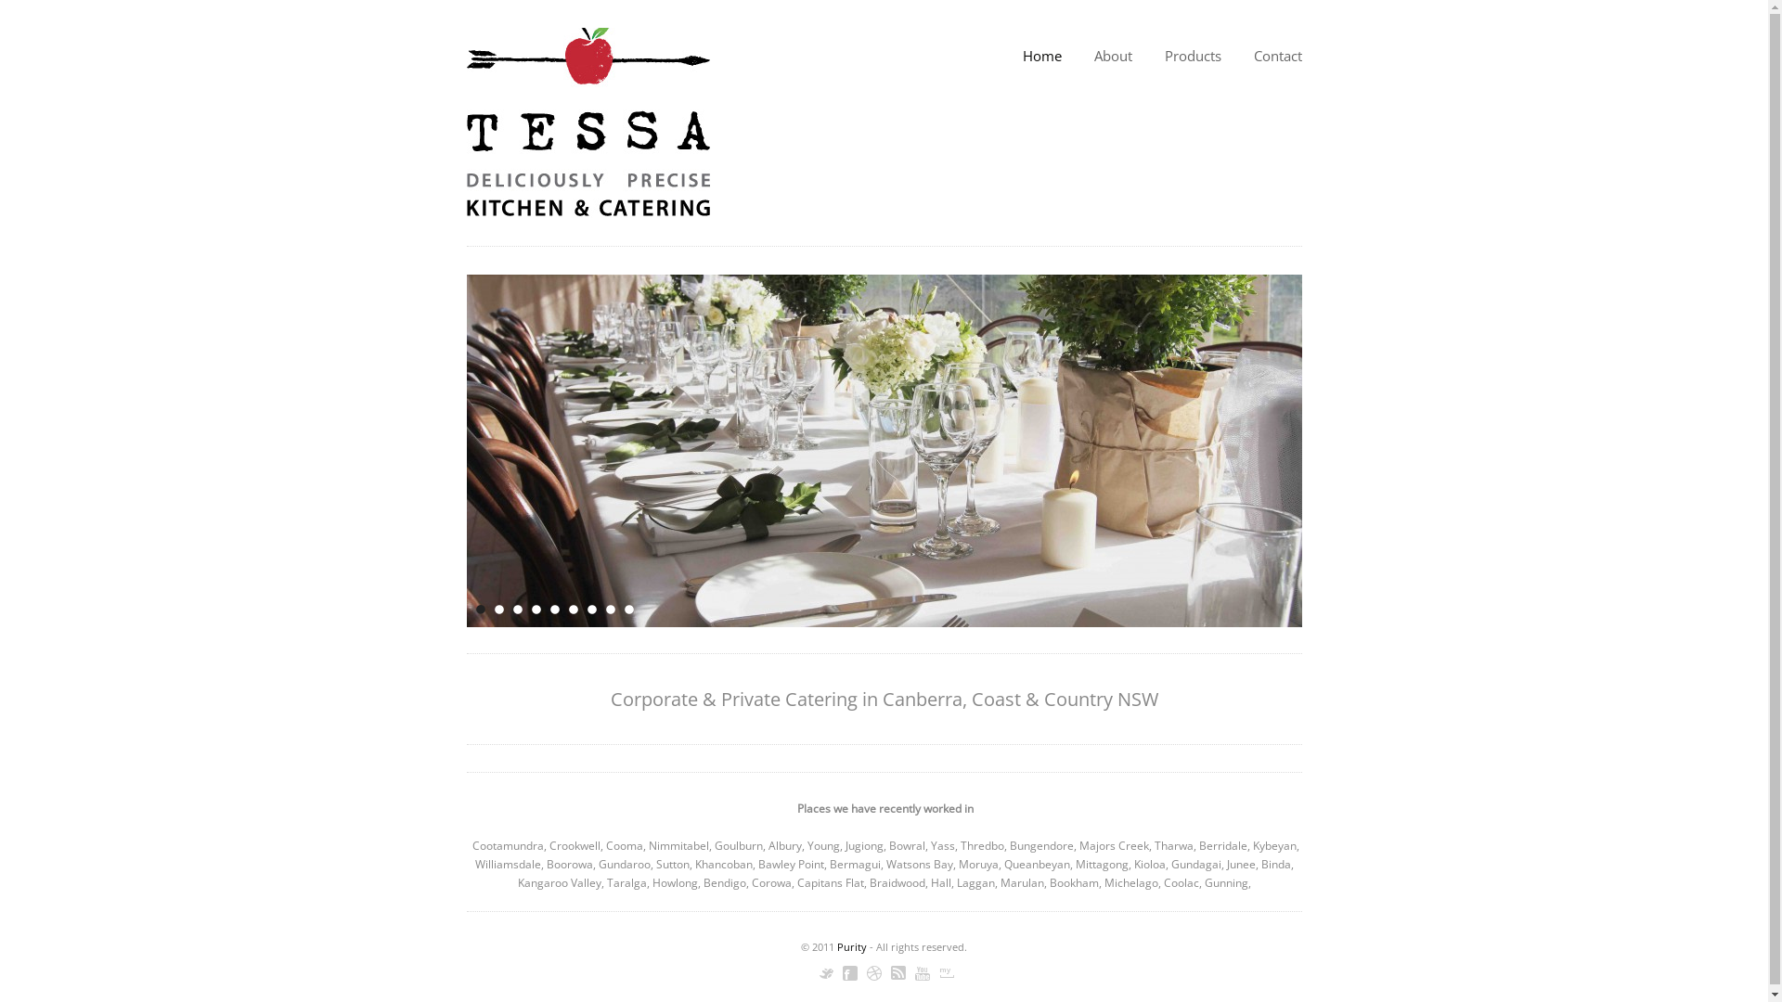 This screenshot has height=1002, width=1782. I want to click on '3', so click(516, 609).